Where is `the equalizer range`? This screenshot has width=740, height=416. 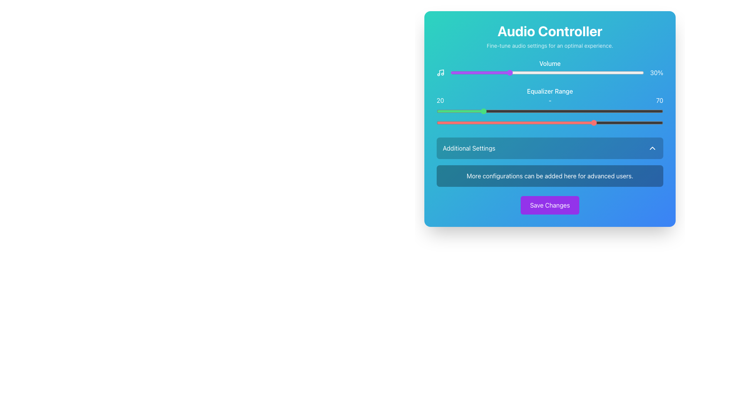
the equalizer range is located at coordinates (523, 122).